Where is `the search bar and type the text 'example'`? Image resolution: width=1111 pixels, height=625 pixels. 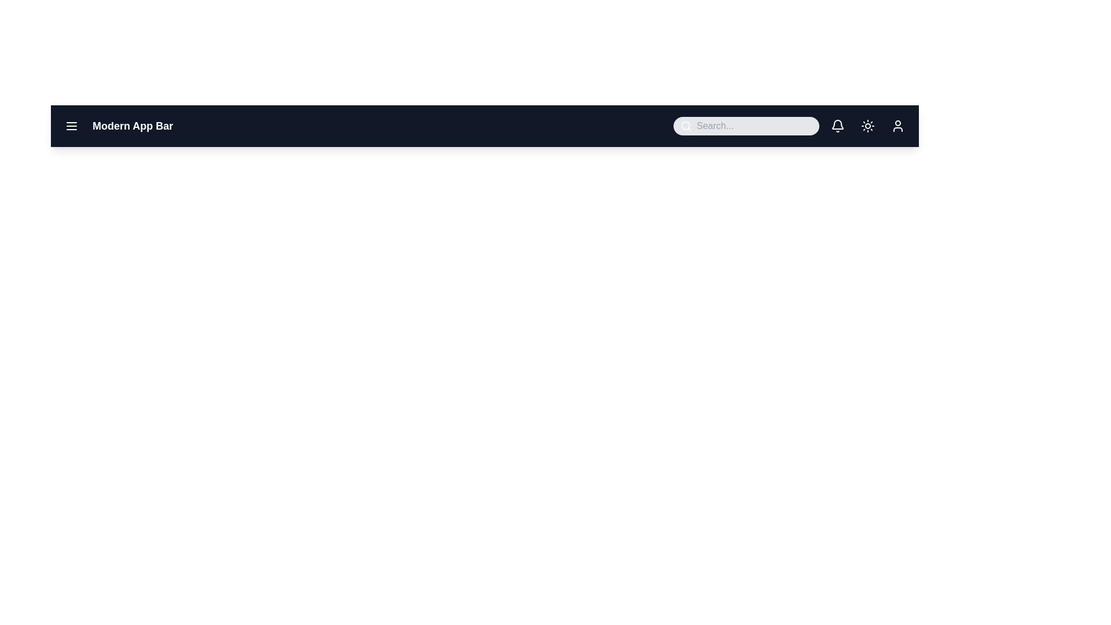
the search bar and type the text 'example' is located at coordinates (755, 126).